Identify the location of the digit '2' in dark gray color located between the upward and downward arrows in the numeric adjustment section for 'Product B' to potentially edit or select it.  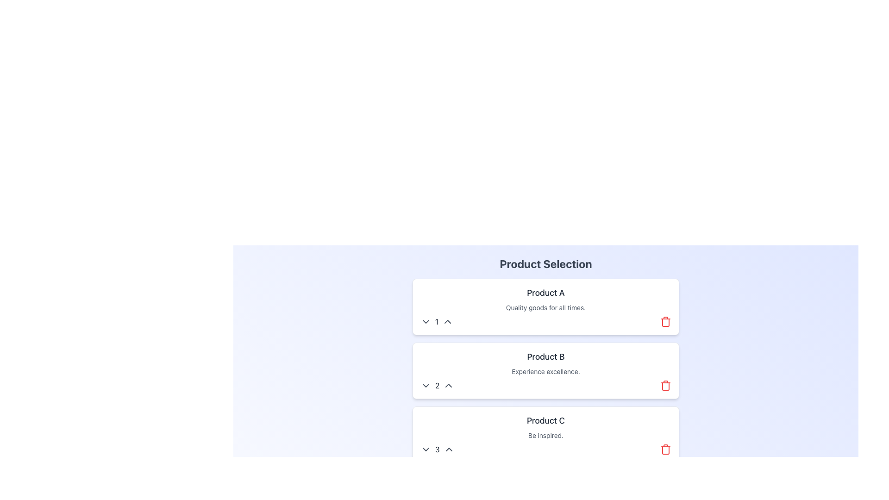
(437, 386).